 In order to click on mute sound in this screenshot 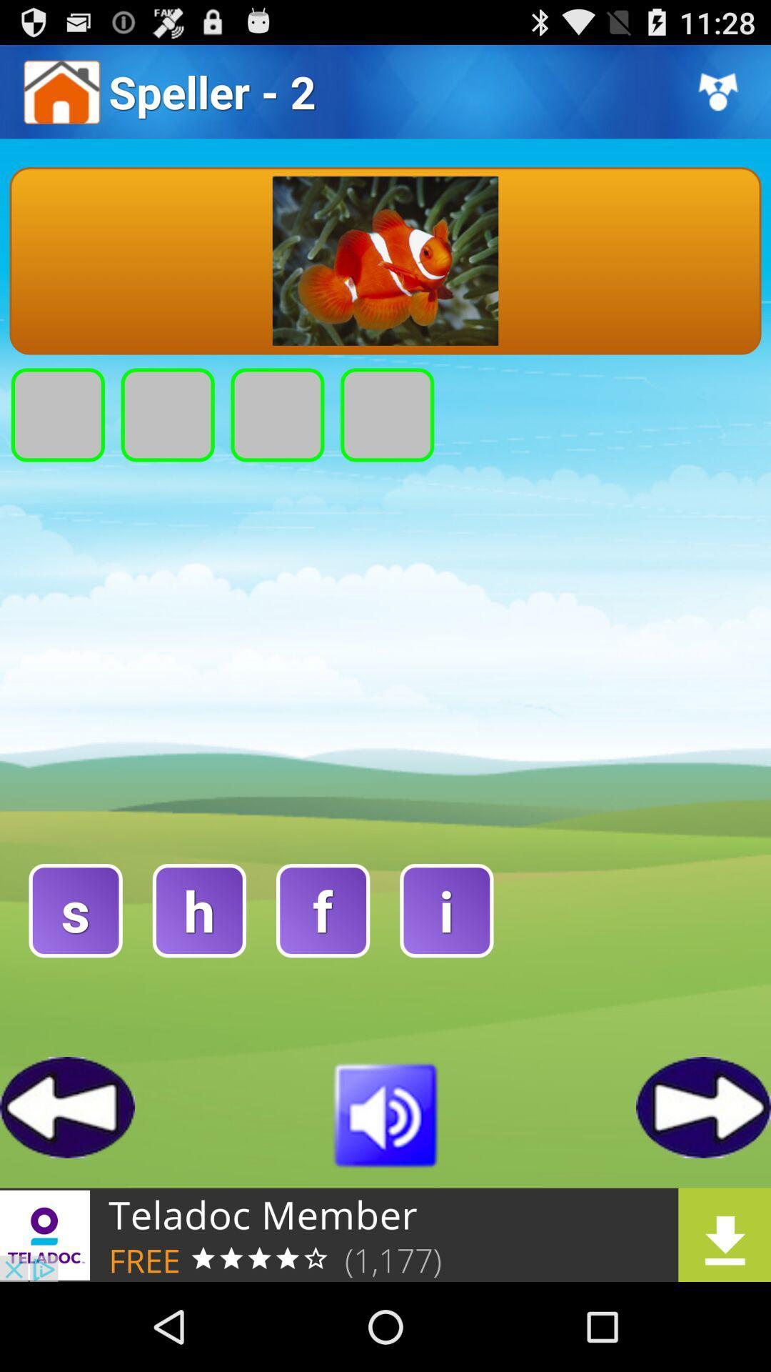, I will do `click(385, 1112)`.